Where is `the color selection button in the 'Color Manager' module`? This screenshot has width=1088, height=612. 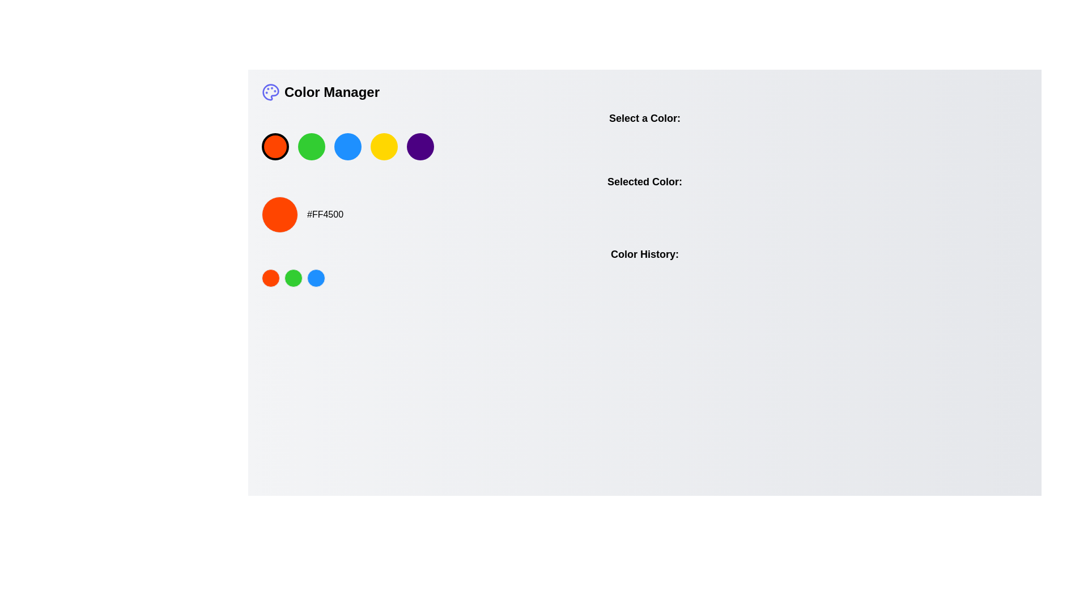
the color selection button in the 'Color Manager' module is located at coordinates (644, 135).